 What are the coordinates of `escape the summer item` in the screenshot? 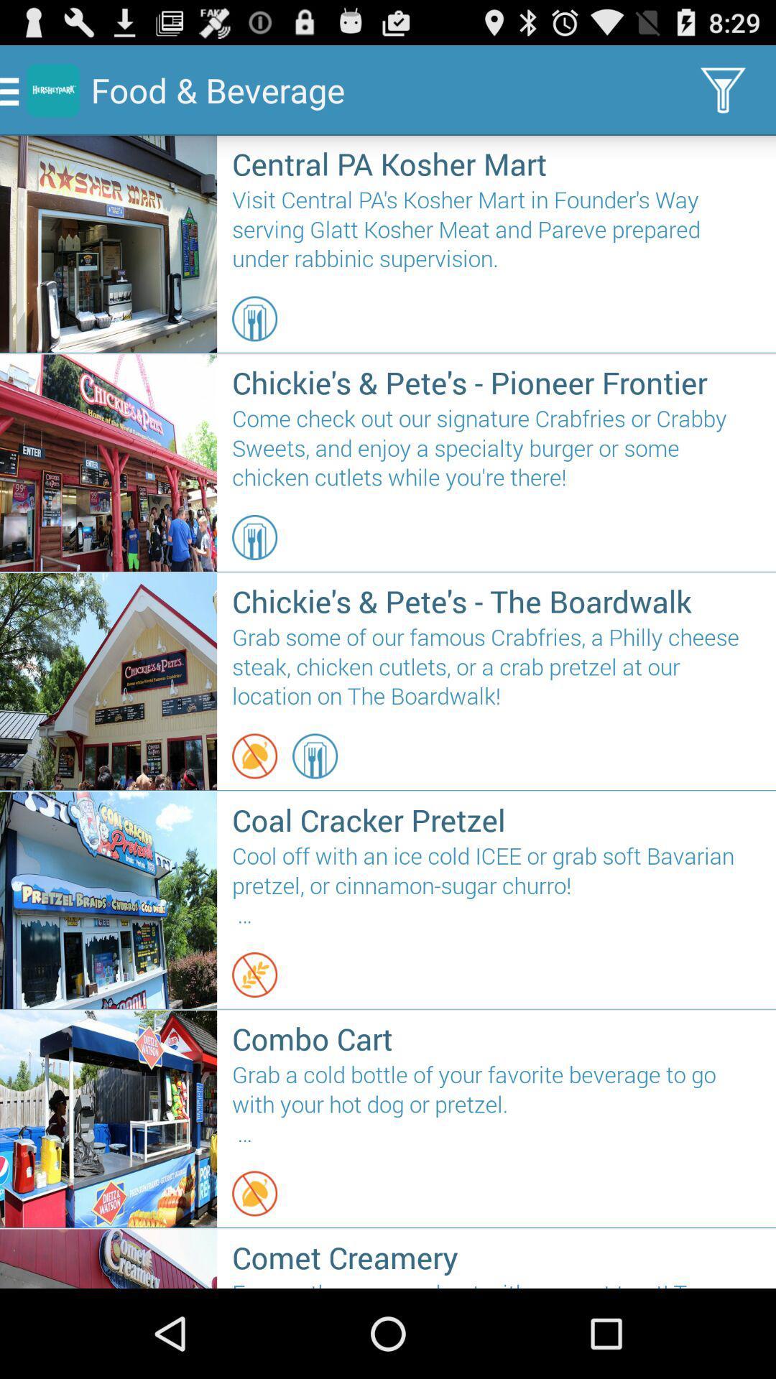 It's located at (496, 1283).